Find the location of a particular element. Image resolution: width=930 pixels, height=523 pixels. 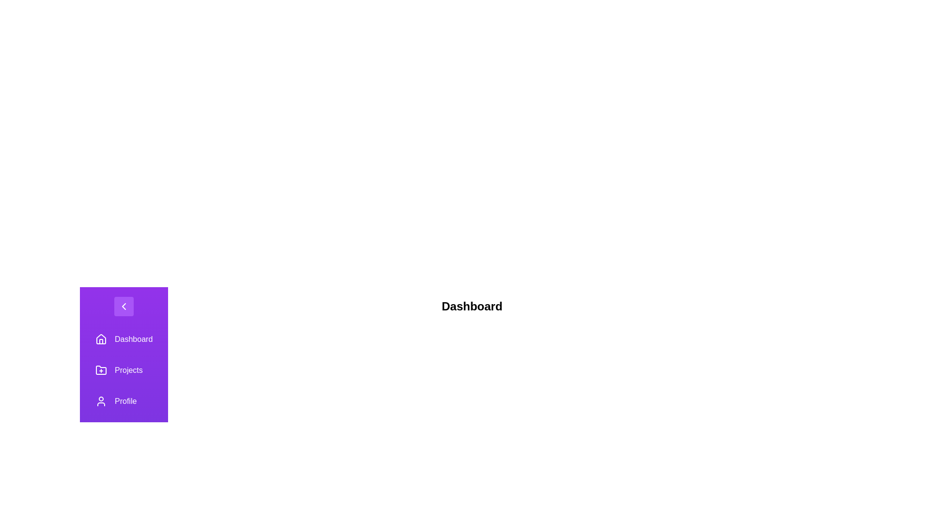

the folder icon with a plus sign inside it, which is styled with a stroke and has a purple background, located within the 'Projects' navigation item in the sidebar menu is located at coordinates (101, 370).